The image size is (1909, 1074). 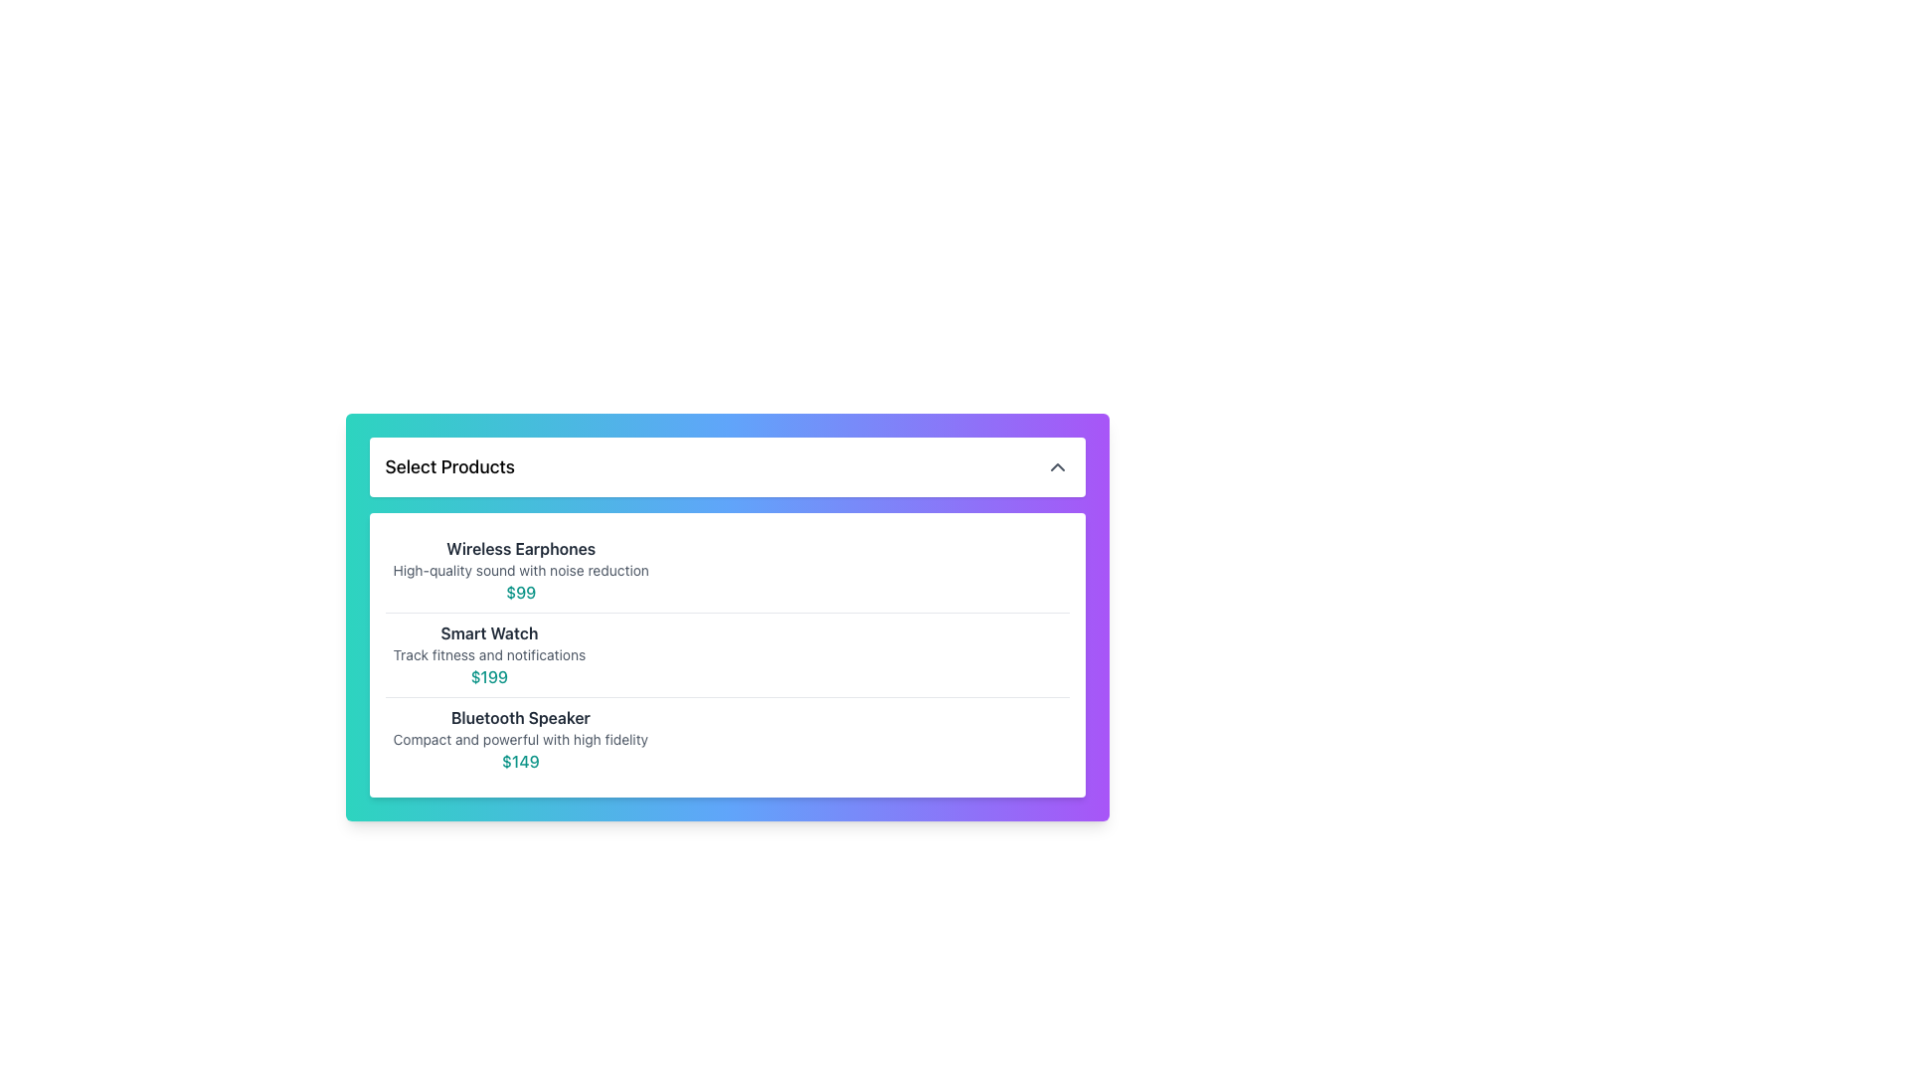 I want to click on the Text Display element that presents product details, located between 'Wireless Earphones' and 'Bluetooth Speaker', so click(x=489, y=655).